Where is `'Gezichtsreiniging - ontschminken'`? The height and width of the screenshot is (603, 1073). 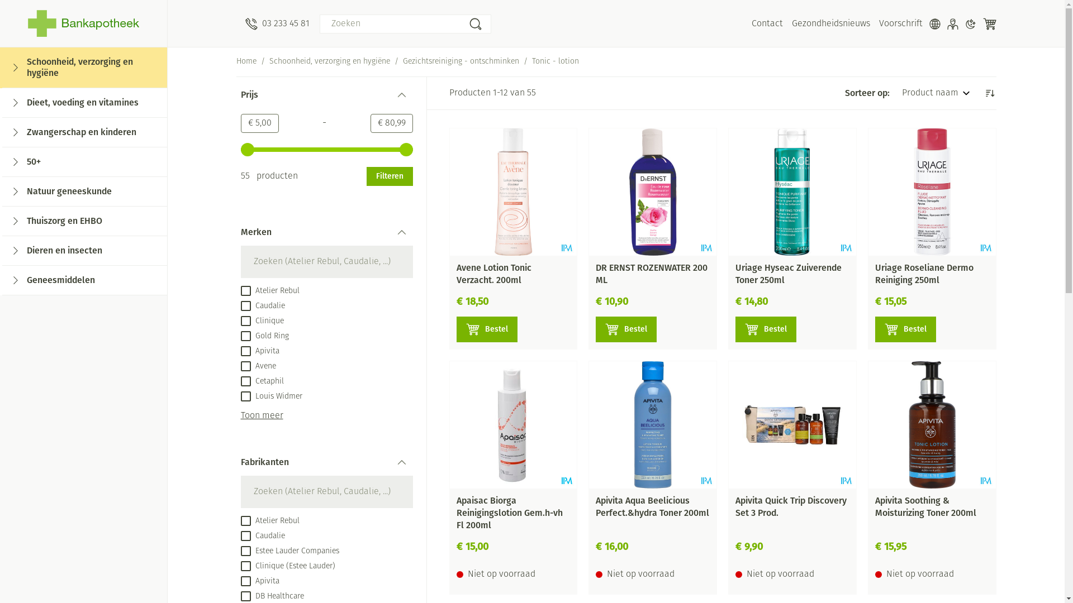 'Gezichtsreiniging - ontschminken' is located at coordinates (460, 62).